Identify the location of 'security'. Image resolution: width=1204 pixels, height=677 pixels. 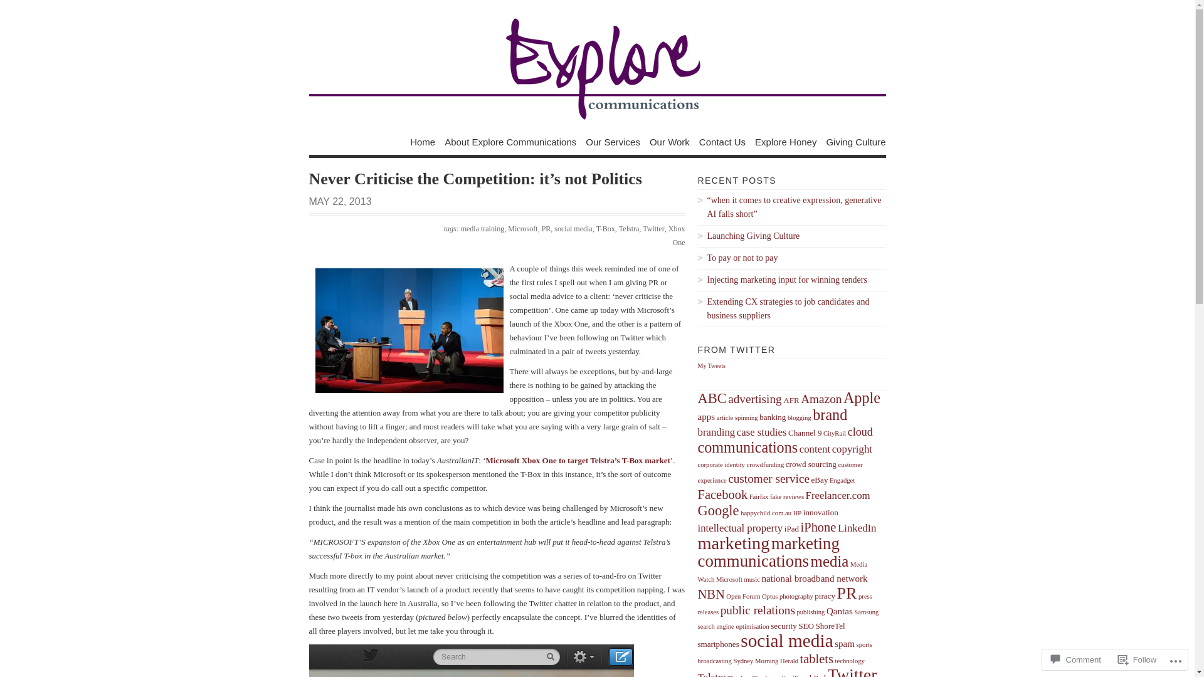
(769, 626).